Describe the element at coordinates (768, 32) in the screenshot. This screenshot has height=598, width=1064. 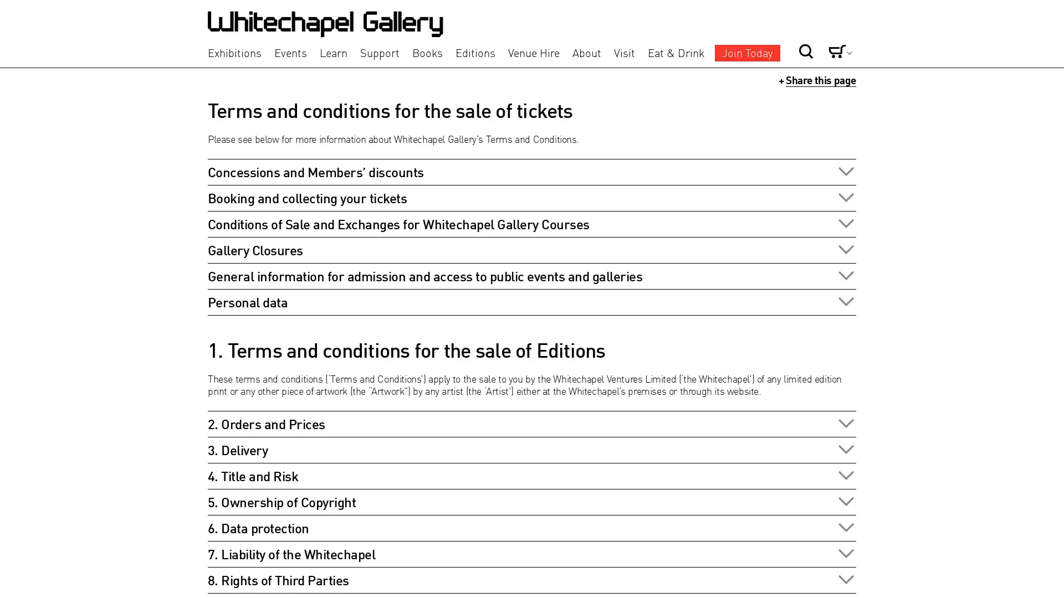
I see `Go` at that location.